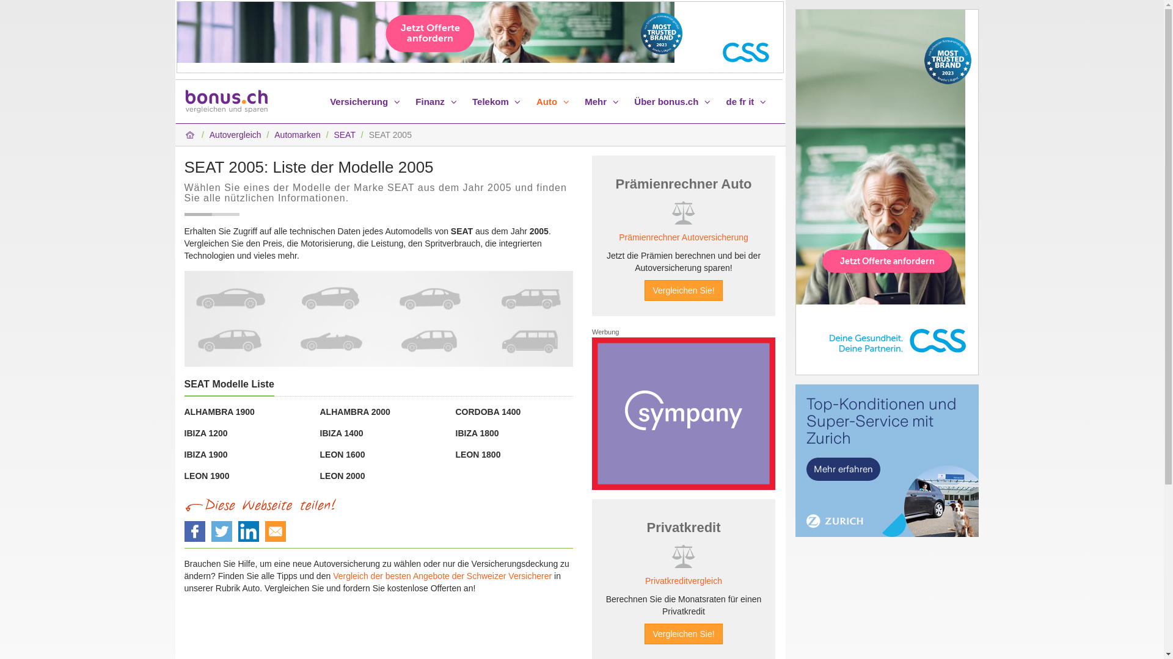  I want to click on 'Finanz', so click(437, 101).